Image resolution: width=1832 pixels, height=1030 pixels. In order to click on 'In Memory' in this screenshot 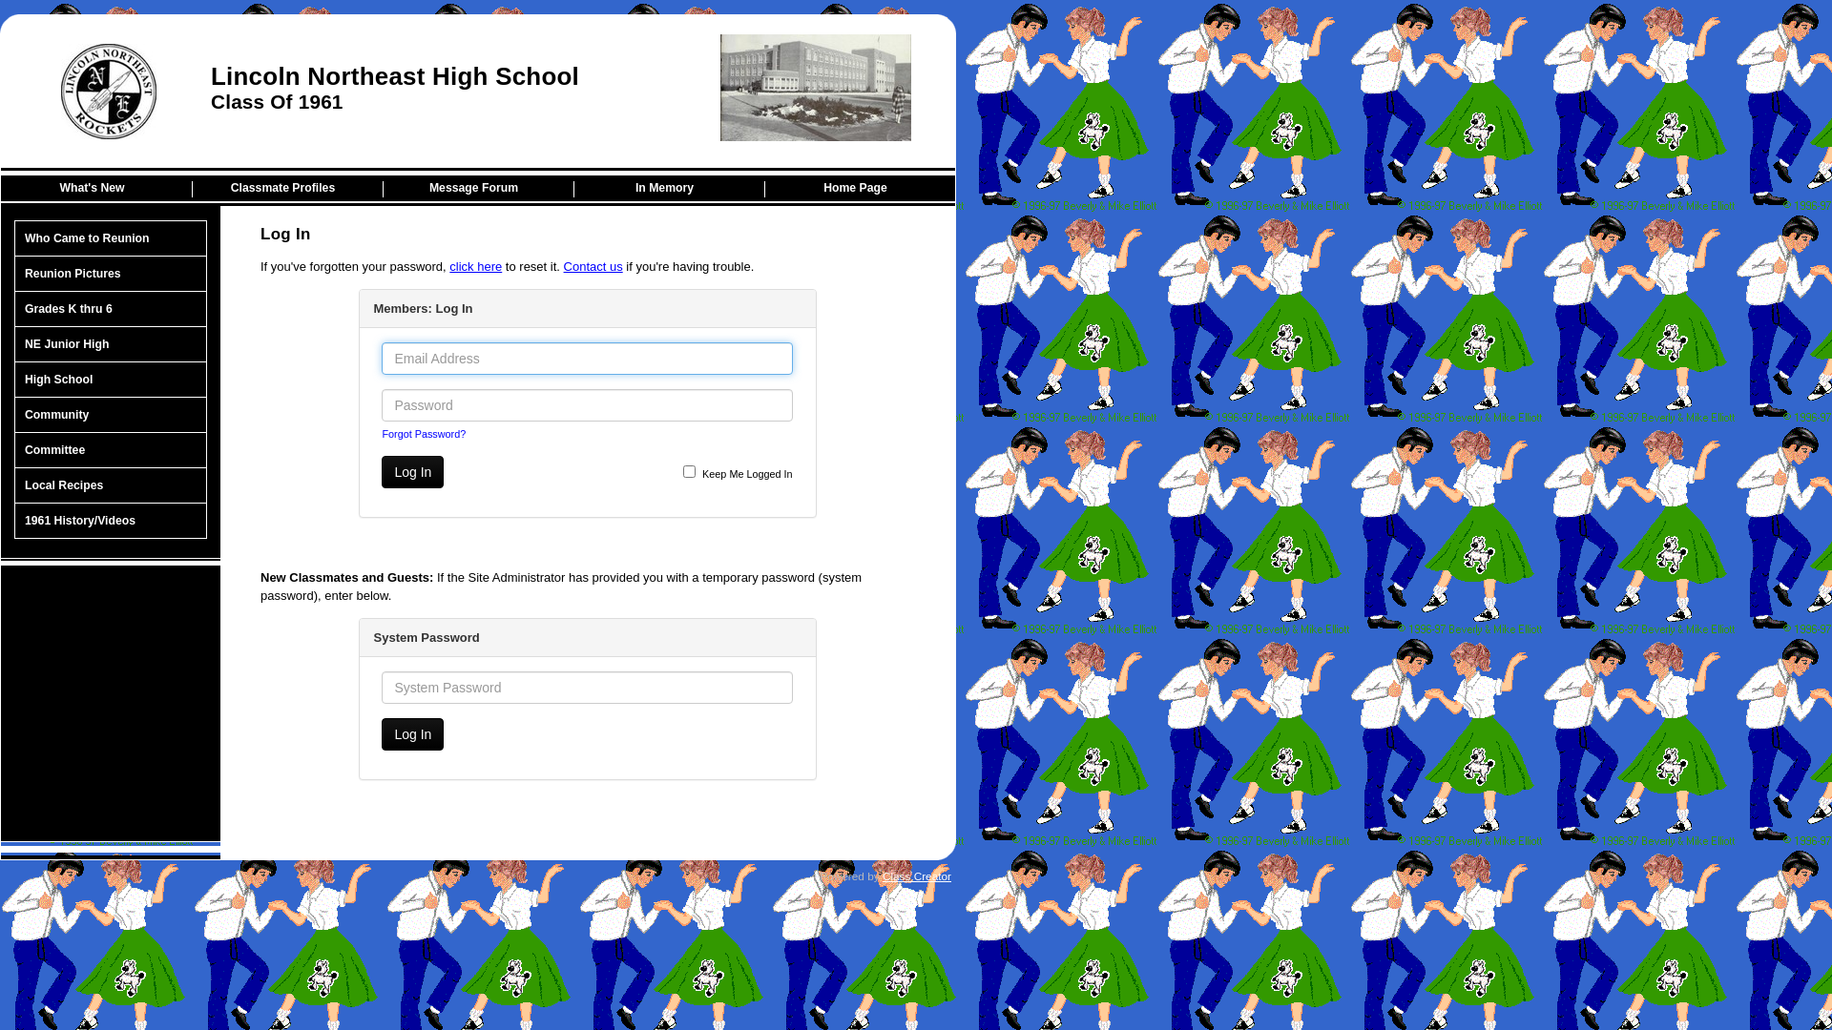, I will do `click(669, 188)`.